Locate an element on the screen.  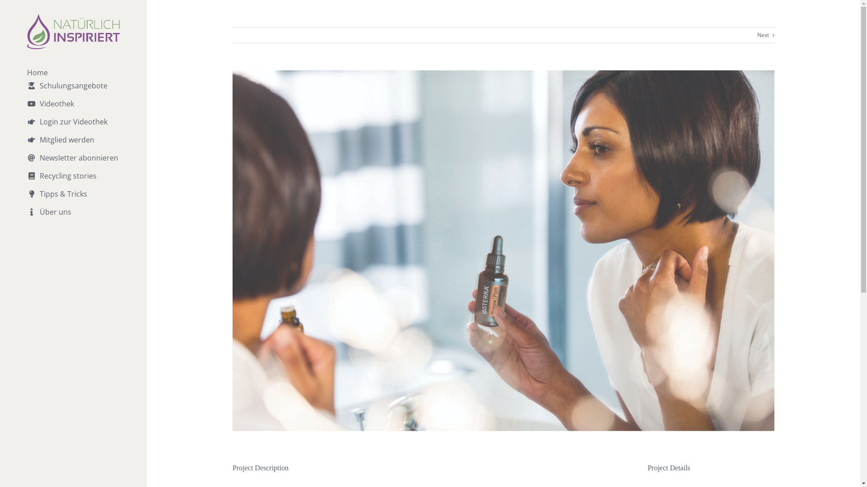
'Login zur Videothek' is located at coordinates (73, 127).